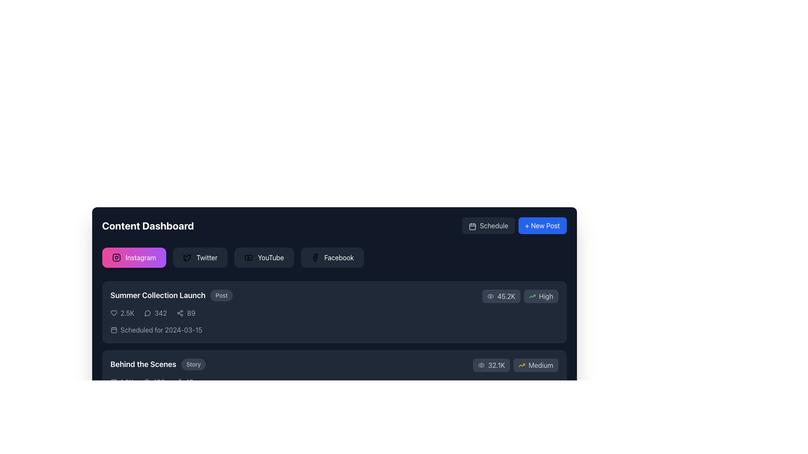 The height and width of the screenshot is (454, 808). Describe the element at coordinates (501, 296) in the screenshot. I see `the Label with Icon that provides information about the number of views or impressions related to a content item, positioned in the right part of the content list` at that location.